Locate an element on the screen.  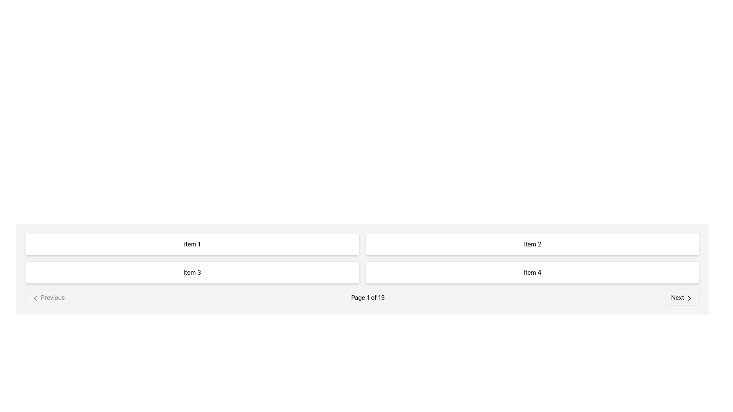
the right-pointing chevron icon located within the 'Next' button at the bottom right of the interface is located at coordinates (689, 297).